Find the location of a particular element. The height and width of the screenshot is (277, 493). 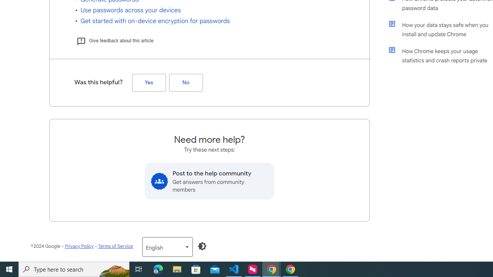

'Yes (Was this helpful?)' is located at coordinates (149, 83).